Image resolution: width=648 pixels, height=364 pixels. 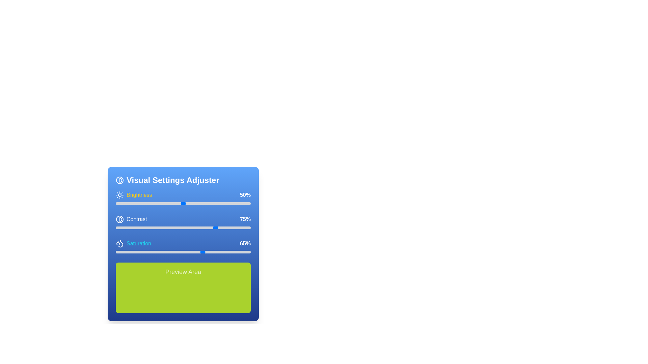 I want to click on contrast, so click(x=204, y=227).